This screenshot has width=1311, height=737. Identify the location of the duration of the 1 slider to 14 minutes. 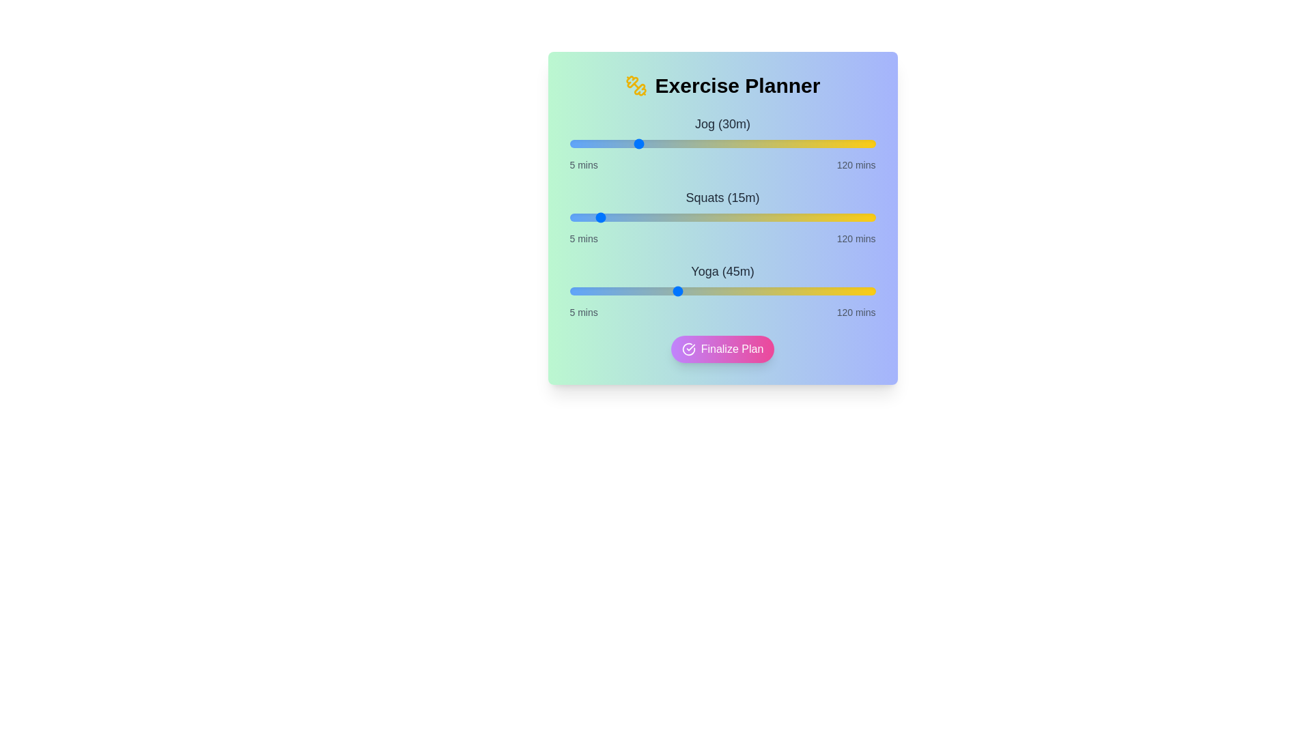
(593, 217).